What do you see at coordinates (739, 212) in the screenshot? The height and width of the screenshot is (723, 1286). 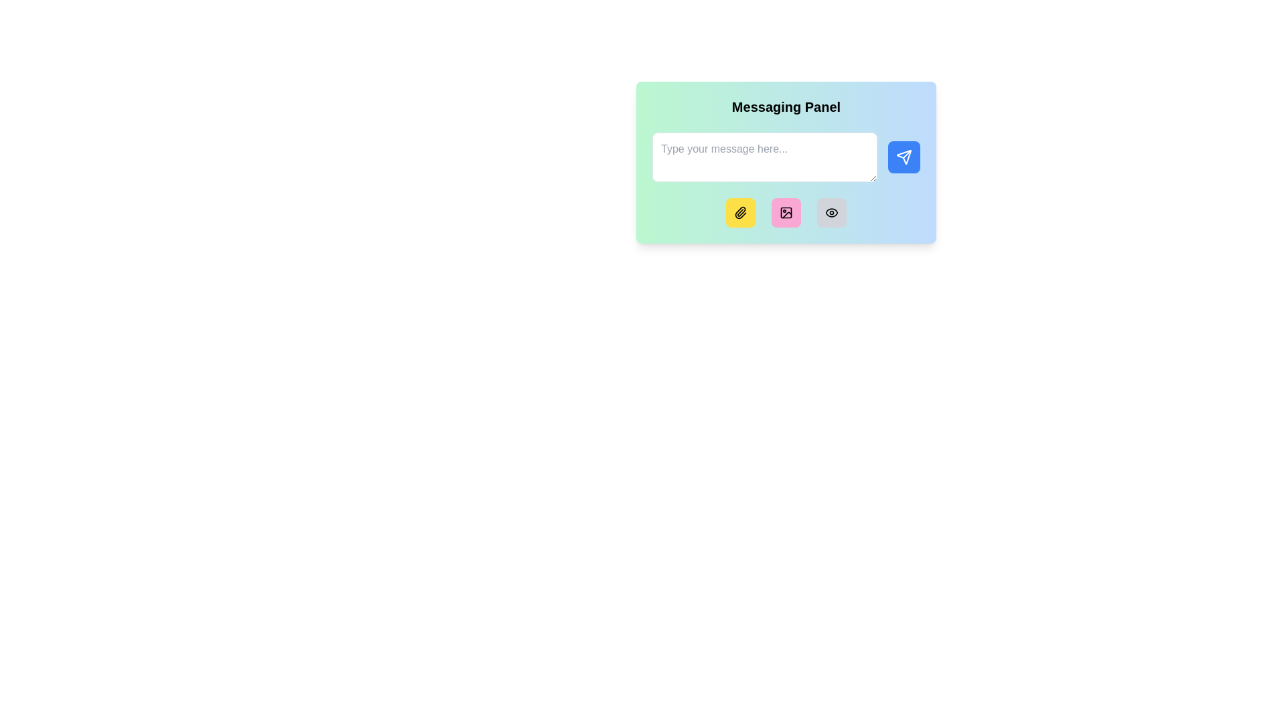 I see `the yellow button with rounded corners and a black paperclip icon to attach a file` at bounding box center [739, 212].